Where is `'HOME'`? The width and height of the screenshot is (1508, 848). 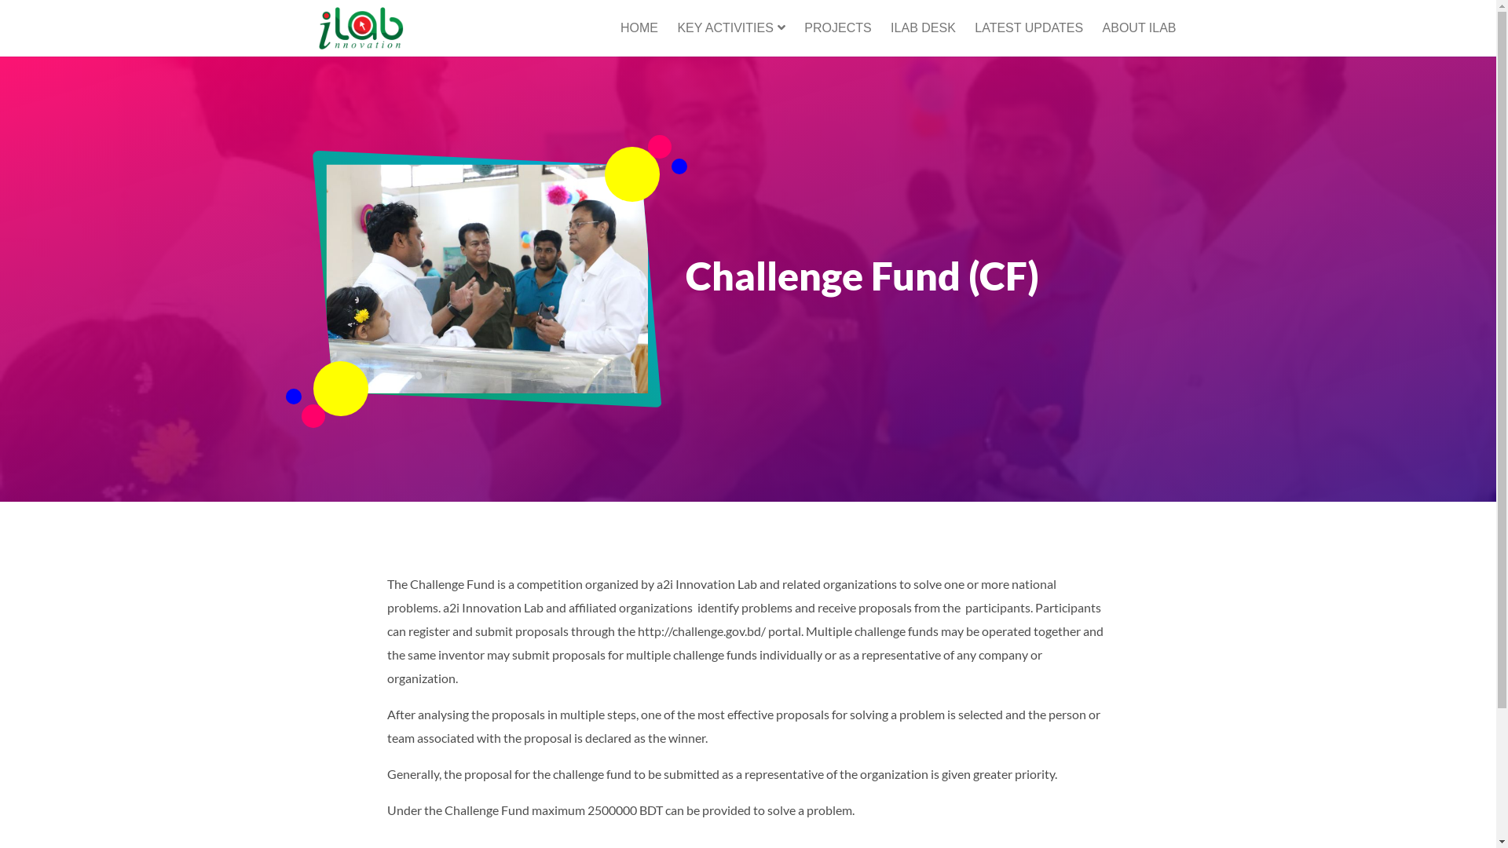 'HOME' is located at coordinates (620, 27).